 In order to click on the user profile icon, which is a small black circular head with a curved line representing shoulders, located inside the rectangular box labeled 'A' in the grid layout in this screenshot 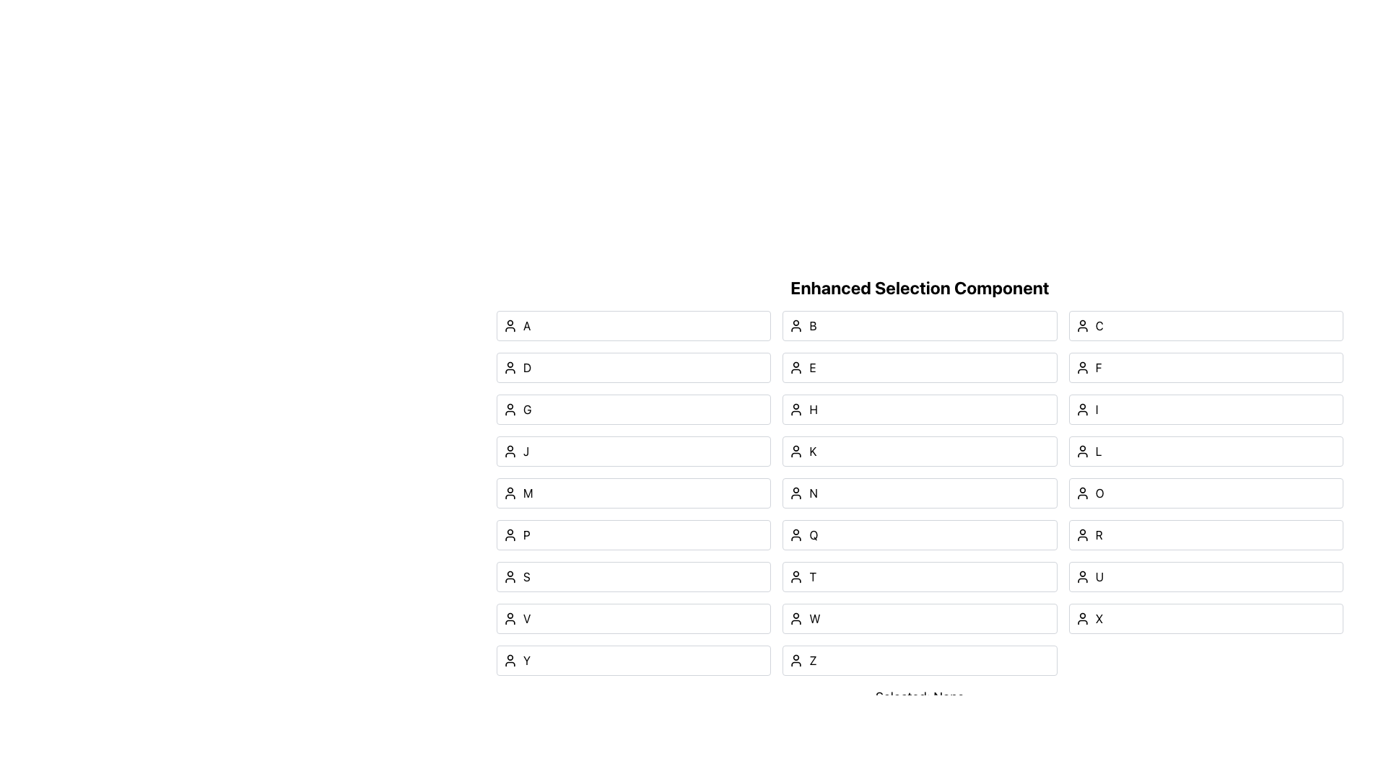, I will do `click(510, 325)`.